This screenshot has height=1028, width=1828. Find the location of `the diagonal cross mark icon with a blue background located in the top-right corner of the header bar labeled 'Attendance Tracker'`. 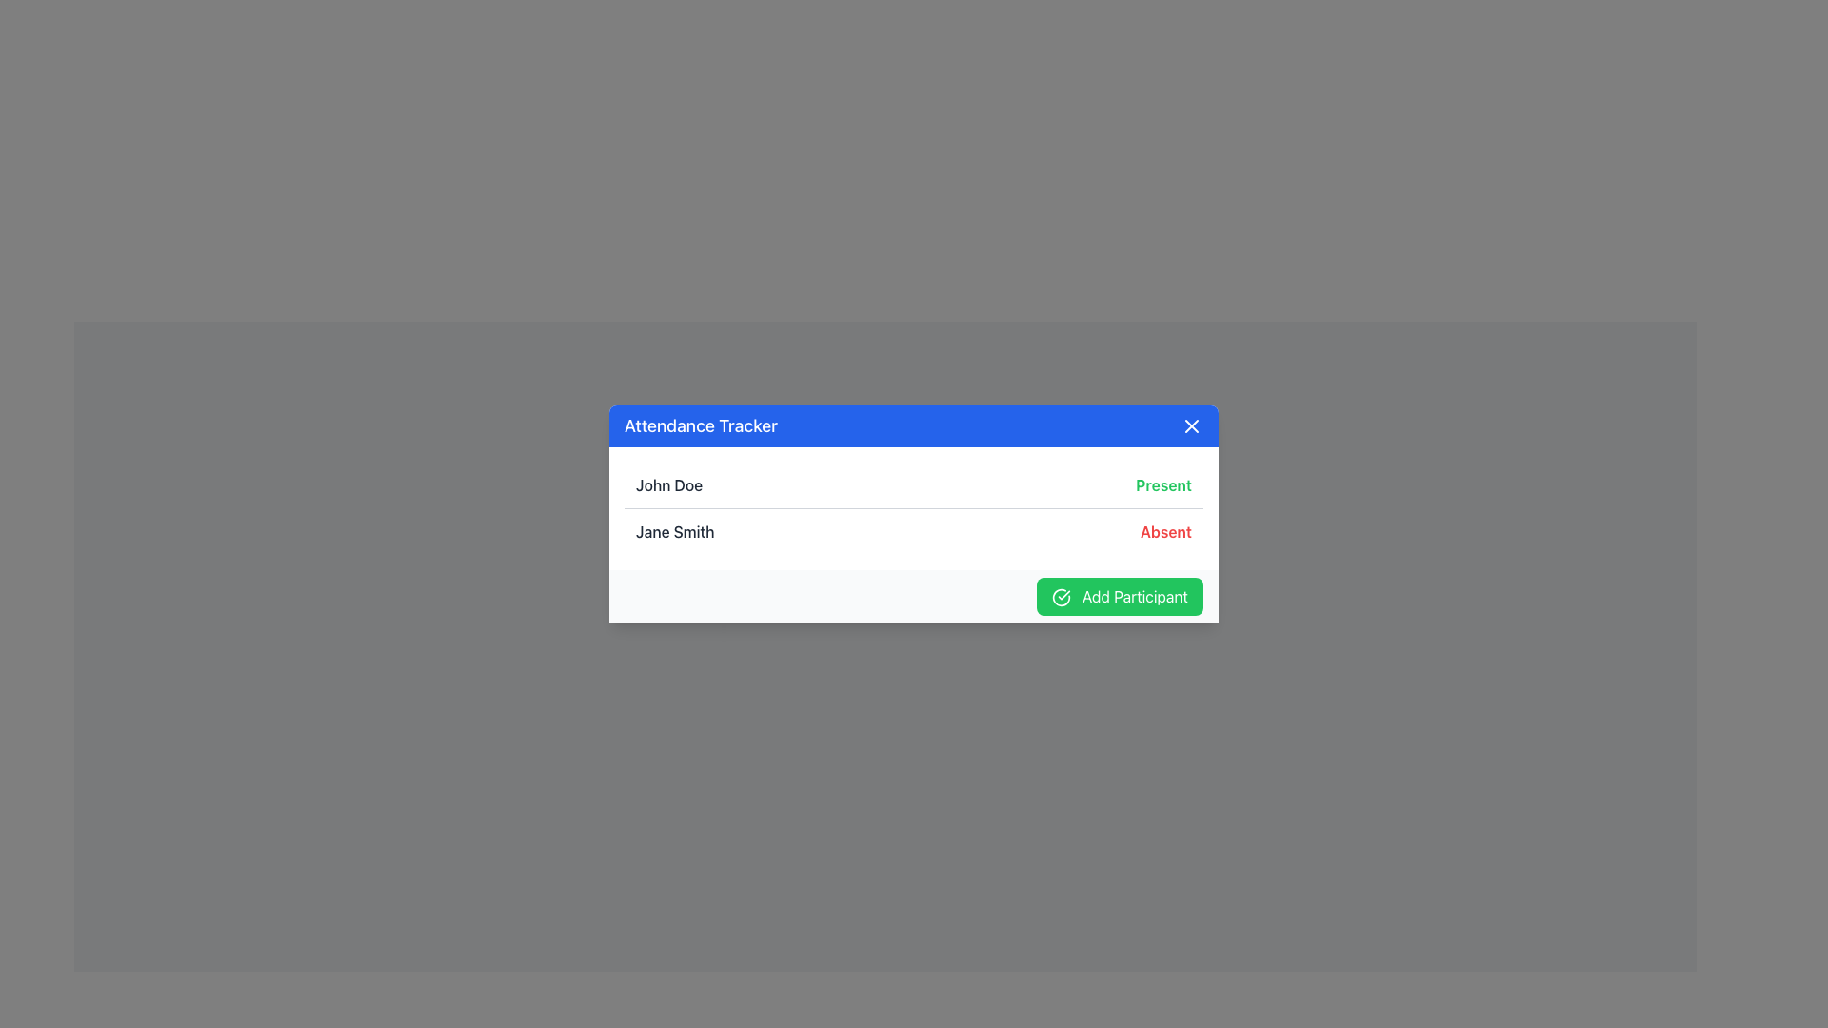

the diagonal cross mark icon with a blue background located in the top-right corner of the header bar labeled 'Attendance Tracker' is located at coordinates (1191, 425).